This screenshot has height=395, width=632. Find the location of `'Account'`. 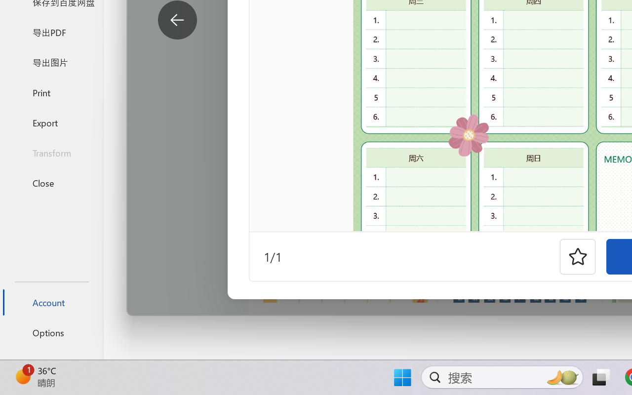

'Account' is located at coordinates (51, 302).